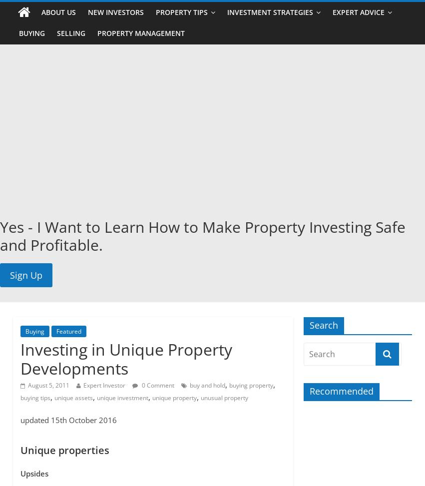 The height and width of the screenshot is (486, 425). What do you see at coordinates (0, 235) in the screenshot?
I see `'Yes - I Want to Learn How to Make Property Investing Safe and Profitable.'` at bounding box center [0, 235].